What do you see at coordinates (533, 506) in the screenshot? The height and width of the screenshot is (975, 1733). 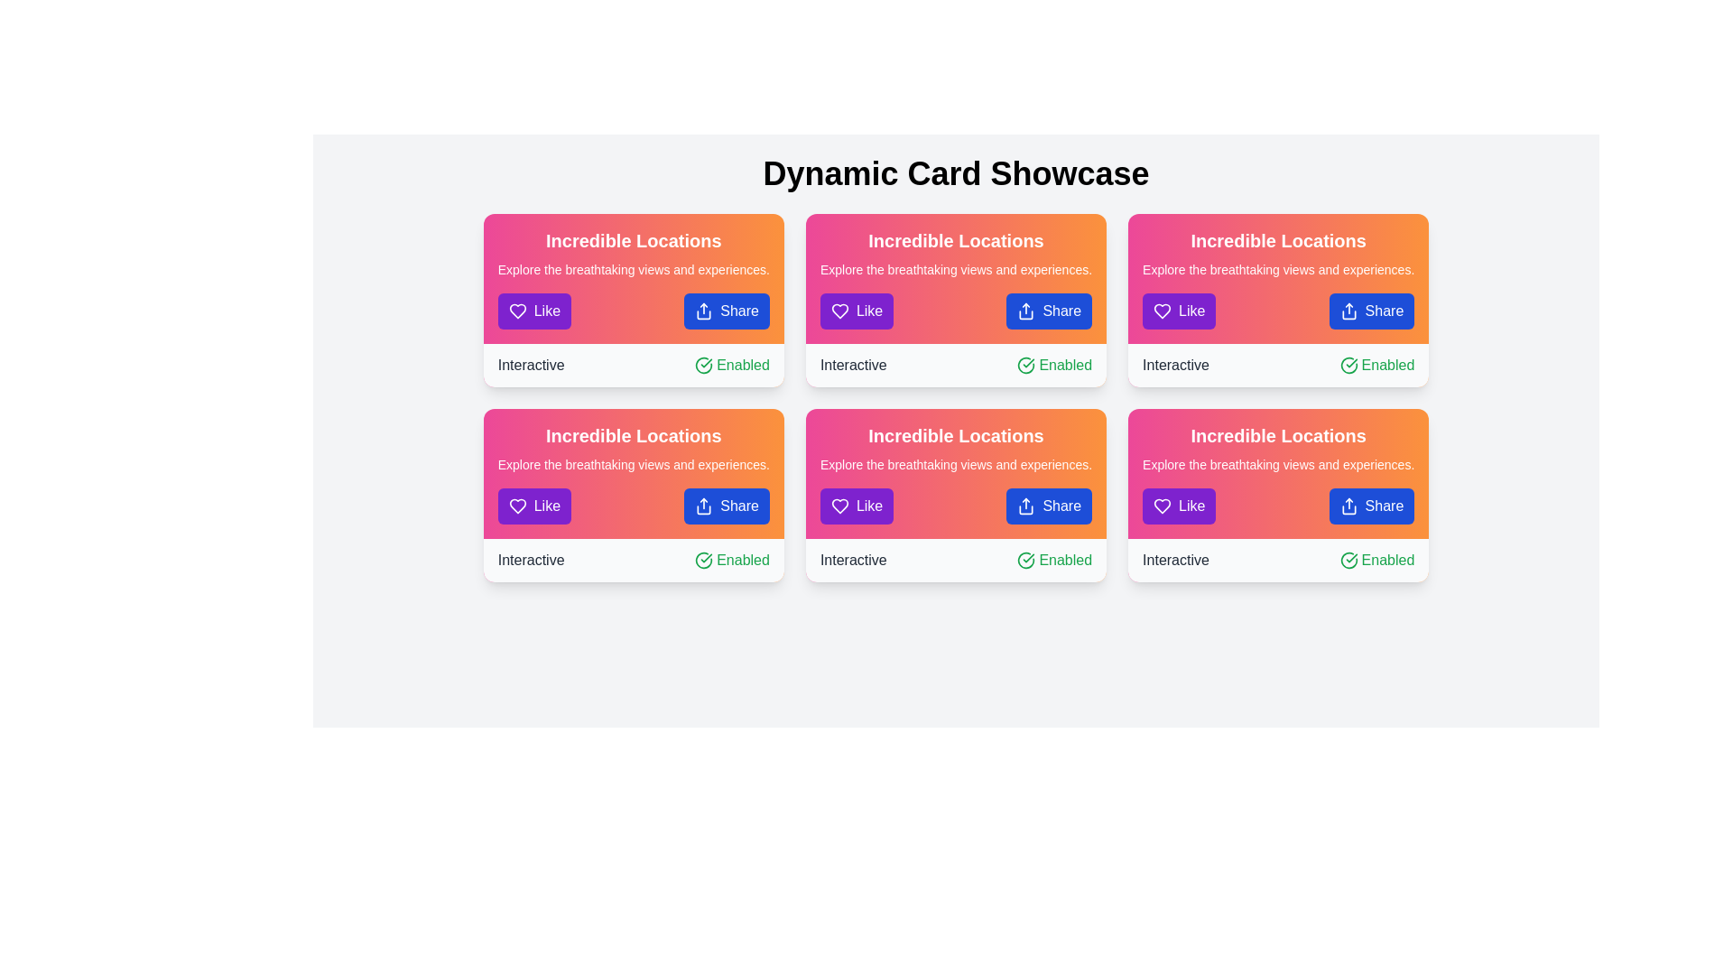 I see `the 'Like' button, which is a rectangular button with a vibrant purple background and a white heart icon, located in the bottom left card of a grid layout` at bounding box center [533, 506].